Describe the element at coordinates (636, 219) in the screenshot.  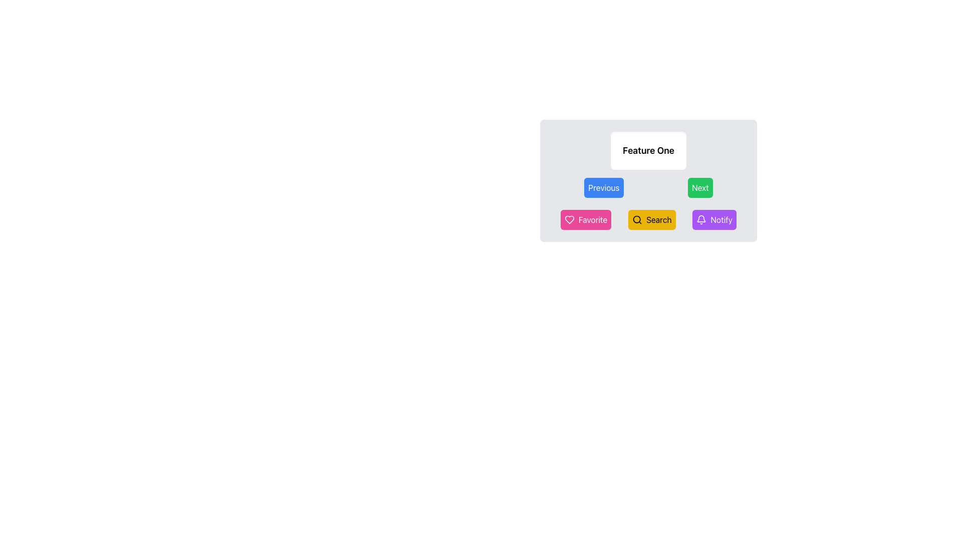
I see `the circular lens part of the search magnifying glass icon, located below the 'Feature One' text heading` at that location.